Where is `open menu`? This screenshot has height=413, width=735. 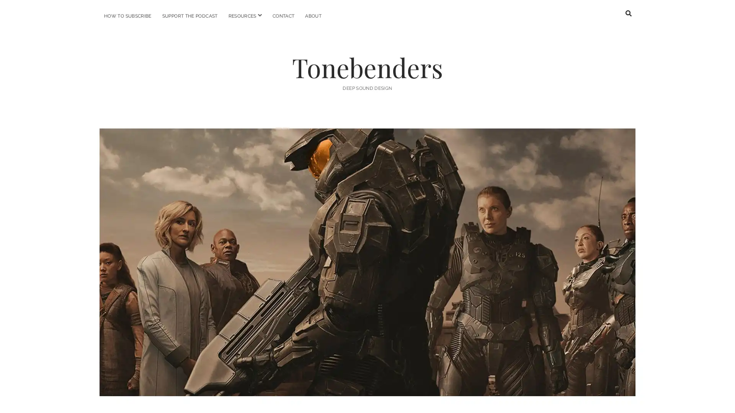 open menu is located at coordinates (259, 15).